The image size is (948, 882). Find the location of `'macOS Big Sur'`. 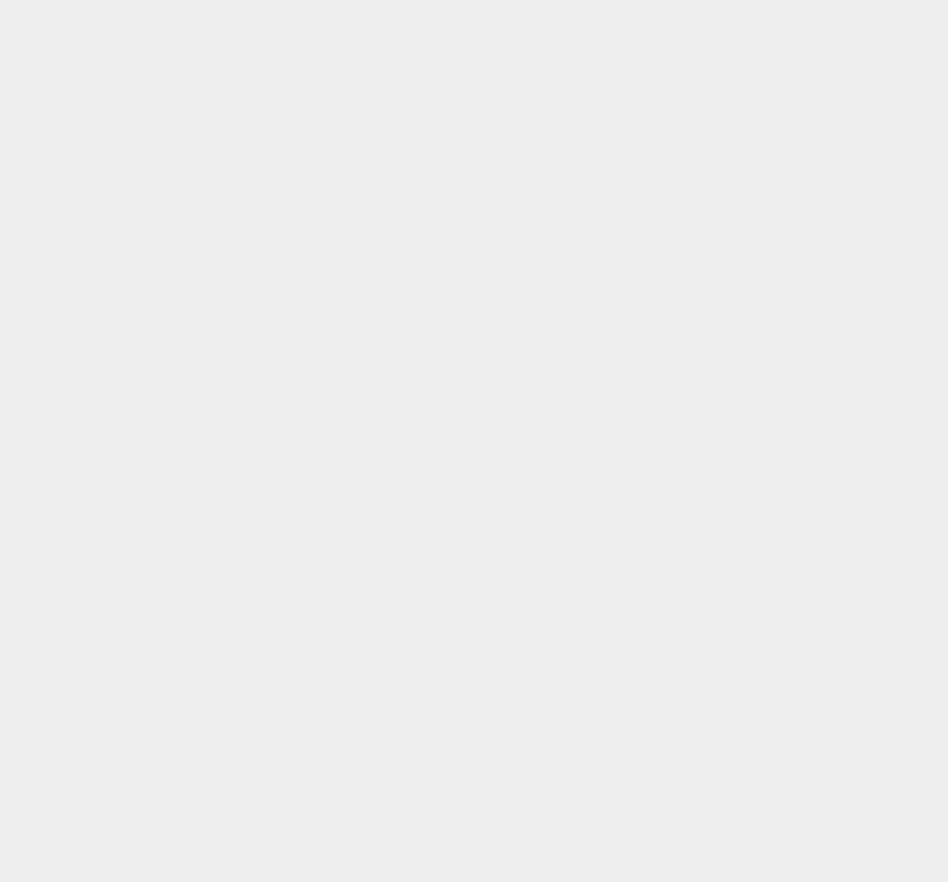

'macOS Big Sur' is located at coordinates (669, 240).